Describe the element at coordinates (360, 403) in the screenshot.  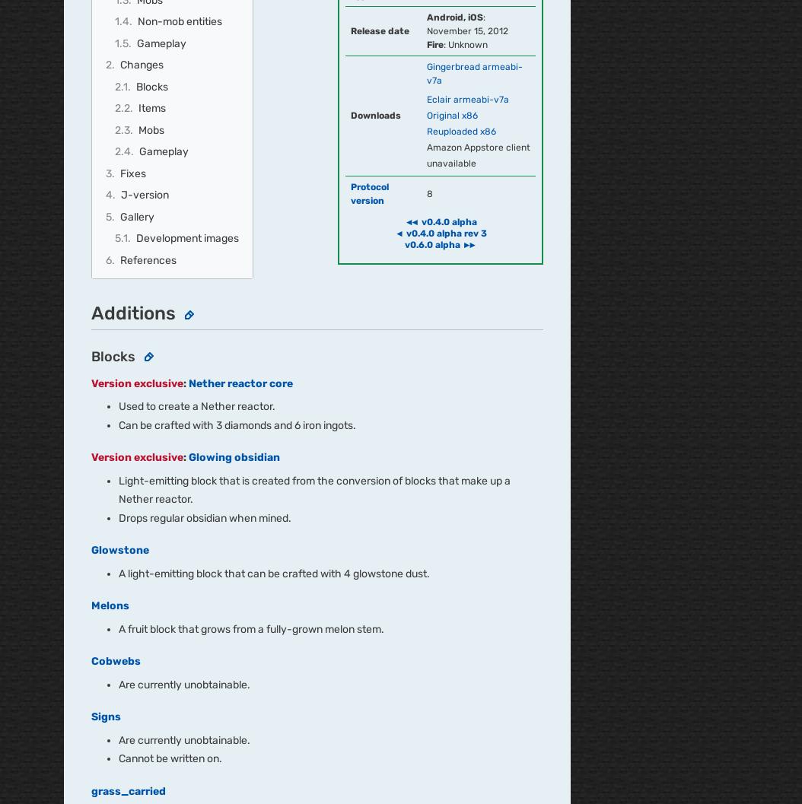
I see `'Terms of Use'` at that location.